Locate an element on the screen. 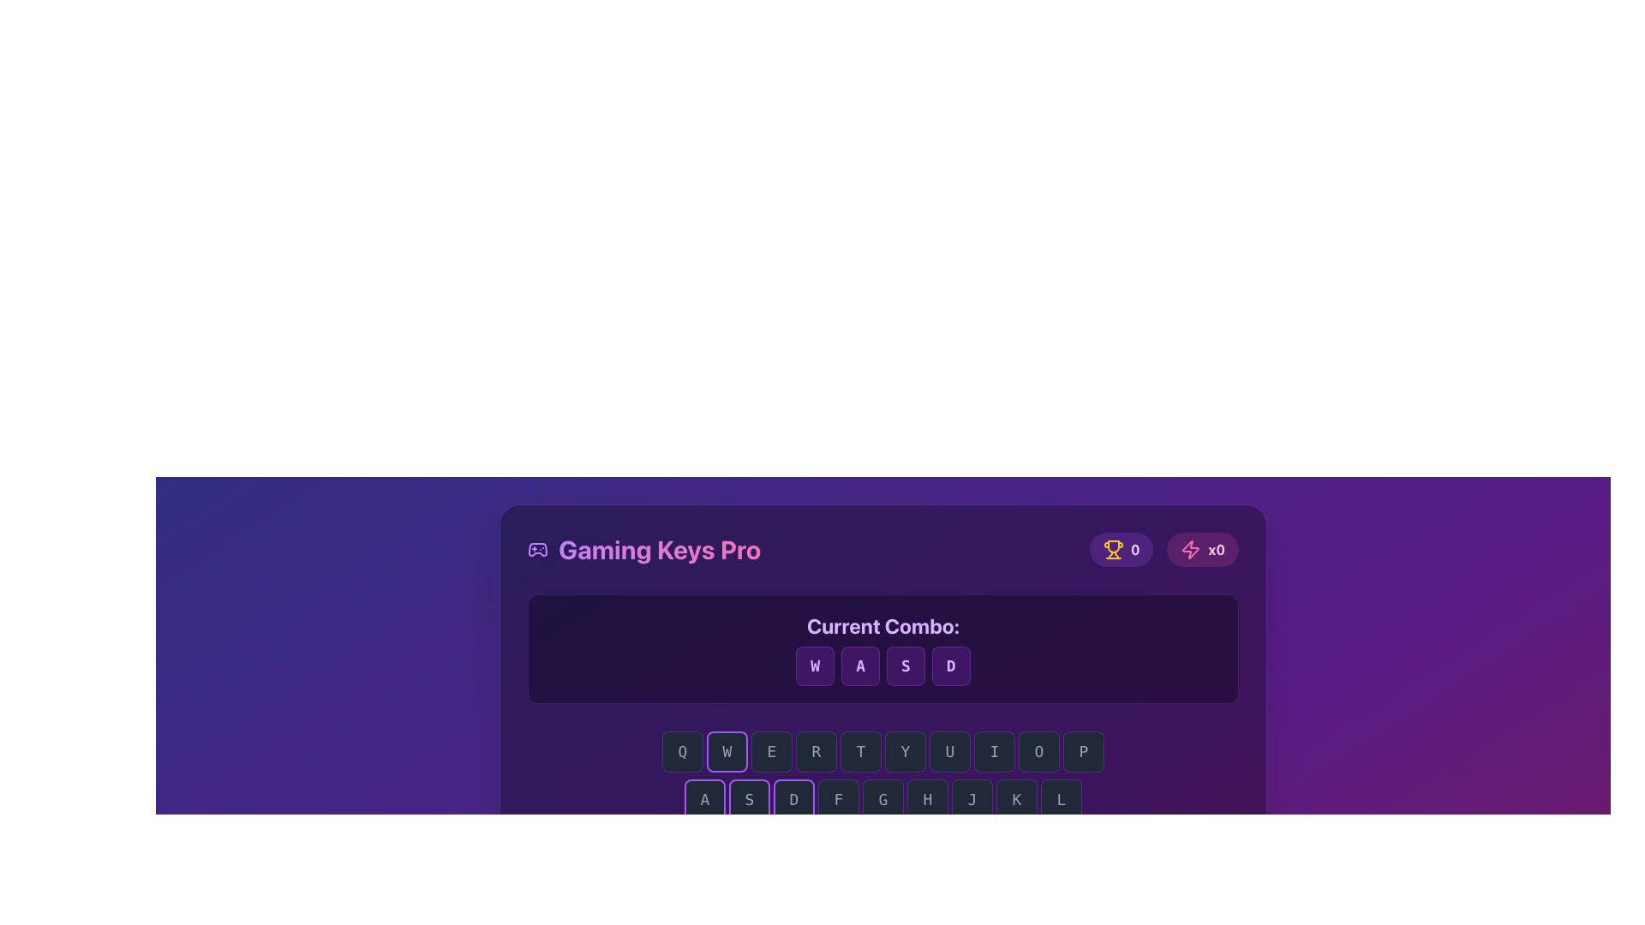 This screenshot has height=925, width=1645. the purple game controller icon with a star shape, which is located to the left of the 'Gaming Keys Pro' text is located at coordinates (537, 549).